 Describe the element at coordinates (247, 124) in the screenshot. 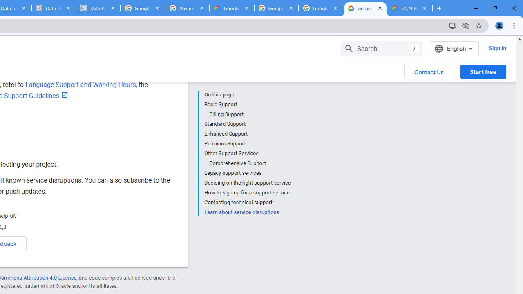

I see `'Standard Support'` at that location.